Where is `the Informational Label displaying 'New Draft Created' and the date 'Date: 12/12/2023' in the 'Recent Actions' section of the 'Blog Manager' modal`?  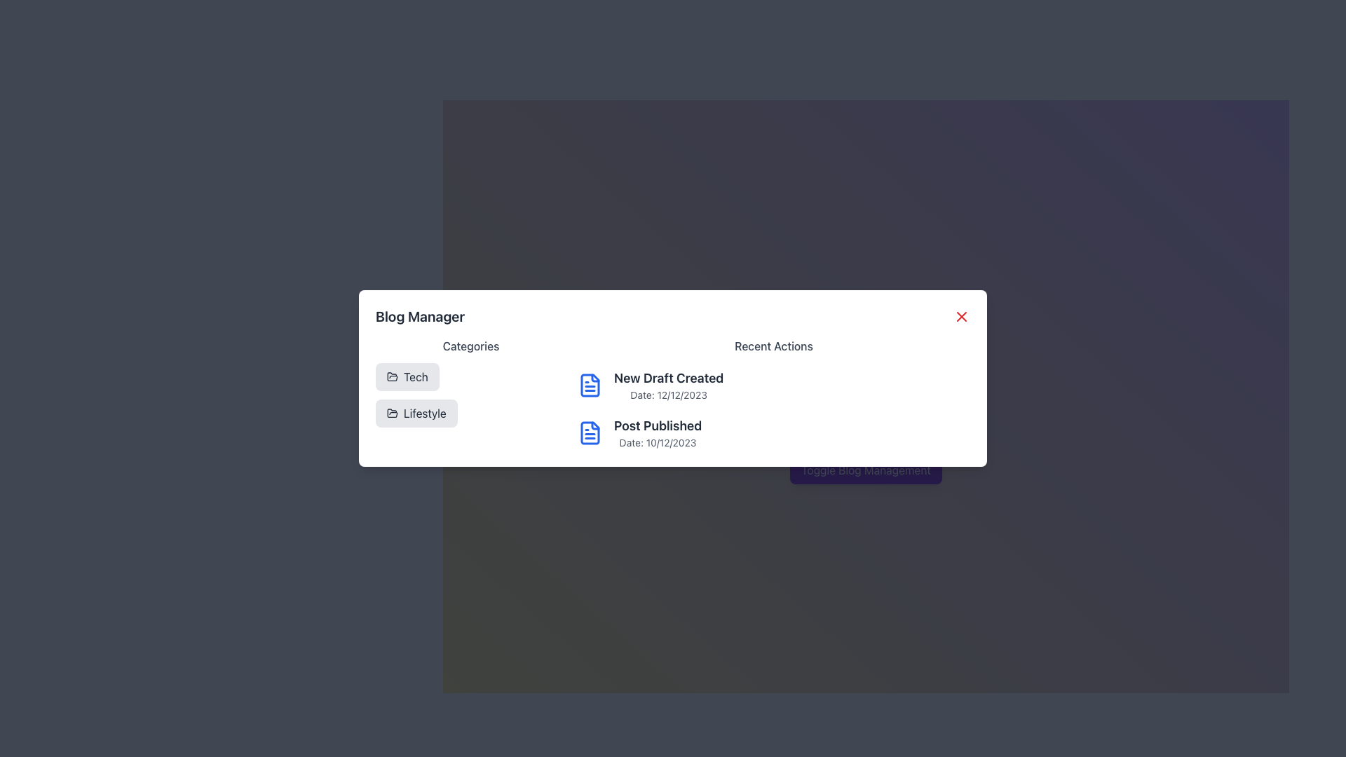
the Informational Label displaying 'New Draft Created' and the date 'Date: 12/12/2023' in the 'Recent Actions' section of the 'Blog Manager' modal is located at coordinates (668, 386).